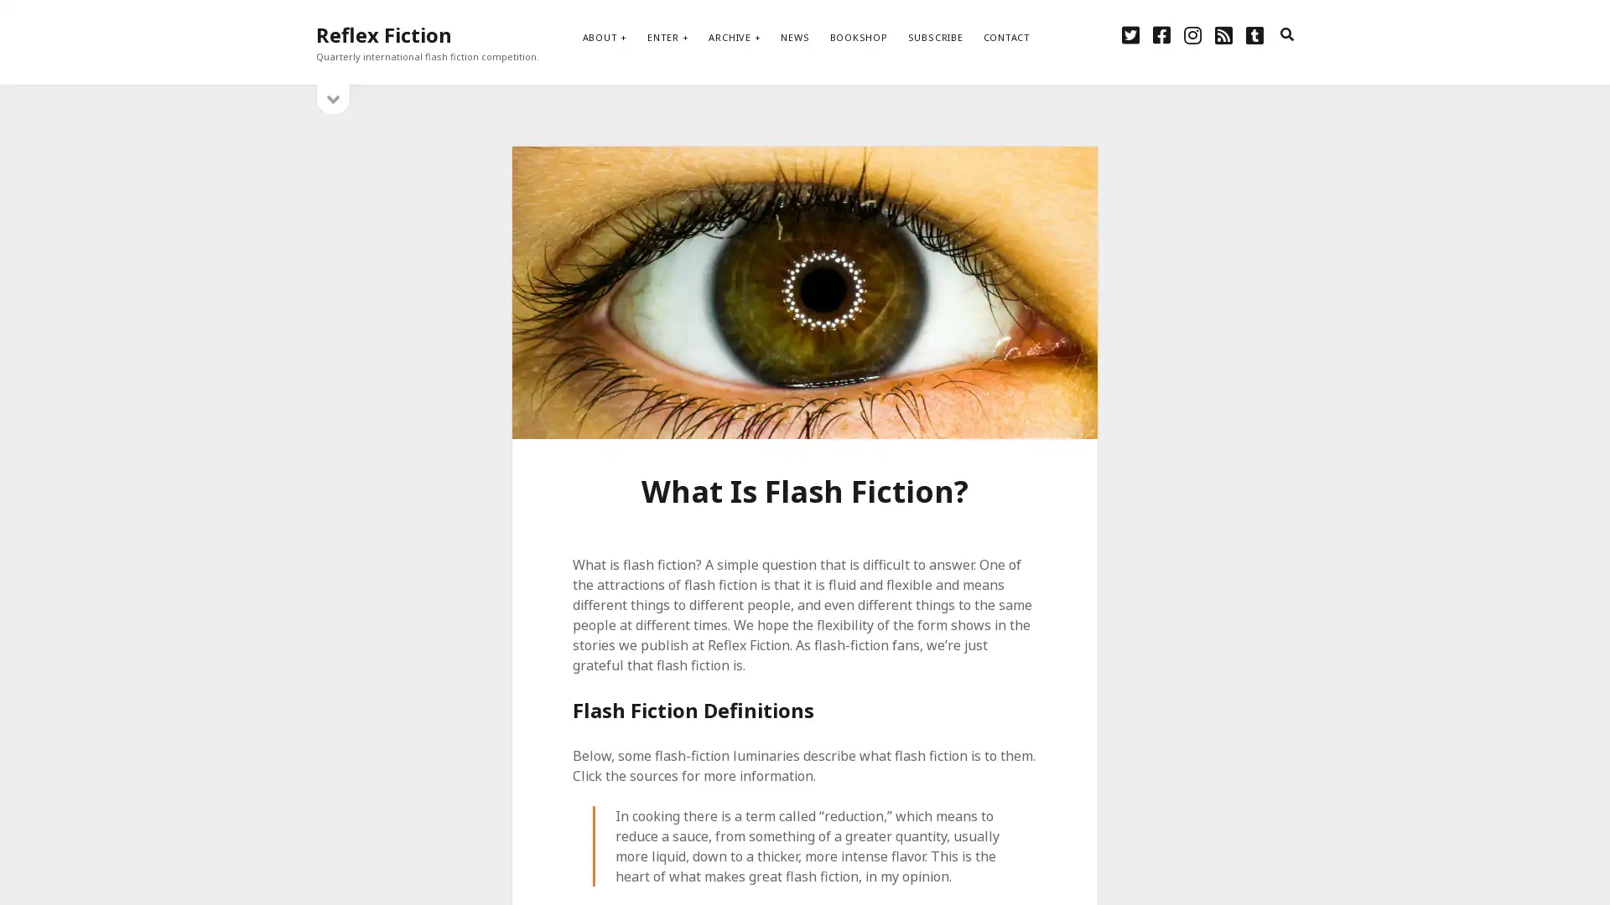 The width and height of the screenshot is (1610, 905). I want to click on Subscribe, so click(1012, 194).